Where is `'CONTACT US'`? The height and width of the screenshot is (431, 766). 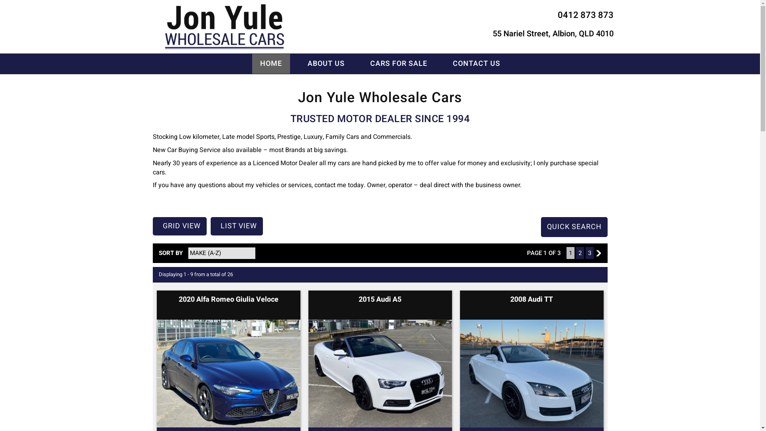 'CONTACT US' is located at coordinates (444, 63).